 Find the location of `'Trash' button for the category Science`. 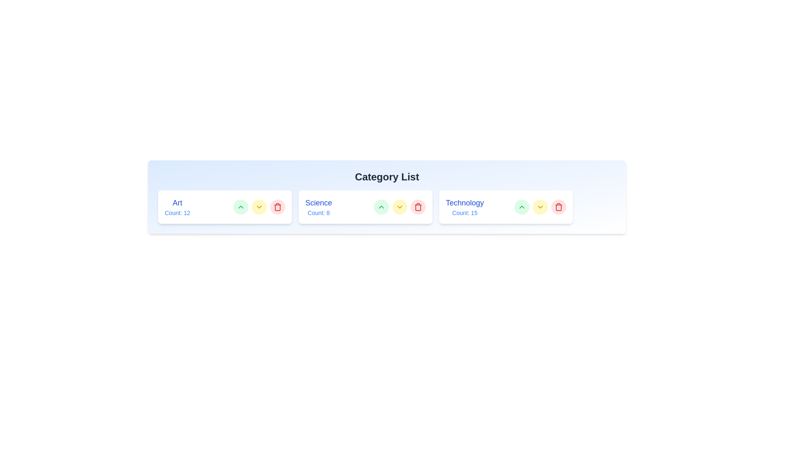

'Trash' button for the category Science is located at coordinates (418, 207).